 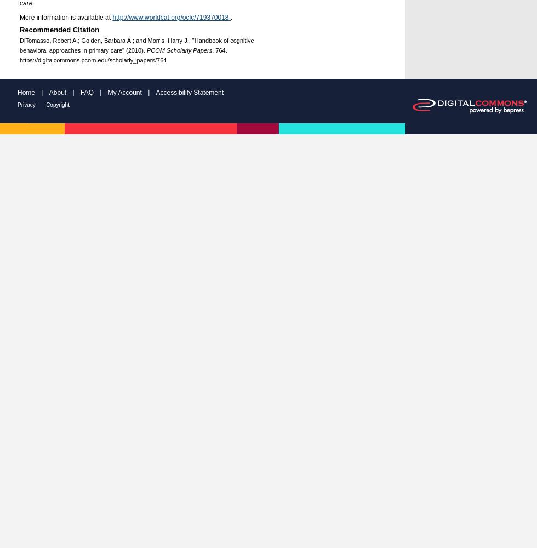 I want to click on '.', so click(x=230, y=18).